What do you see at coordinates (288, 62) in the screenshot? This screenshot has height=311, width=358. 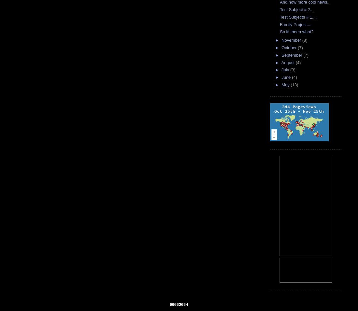 I see `'August'` at bounding box center [288, 62].